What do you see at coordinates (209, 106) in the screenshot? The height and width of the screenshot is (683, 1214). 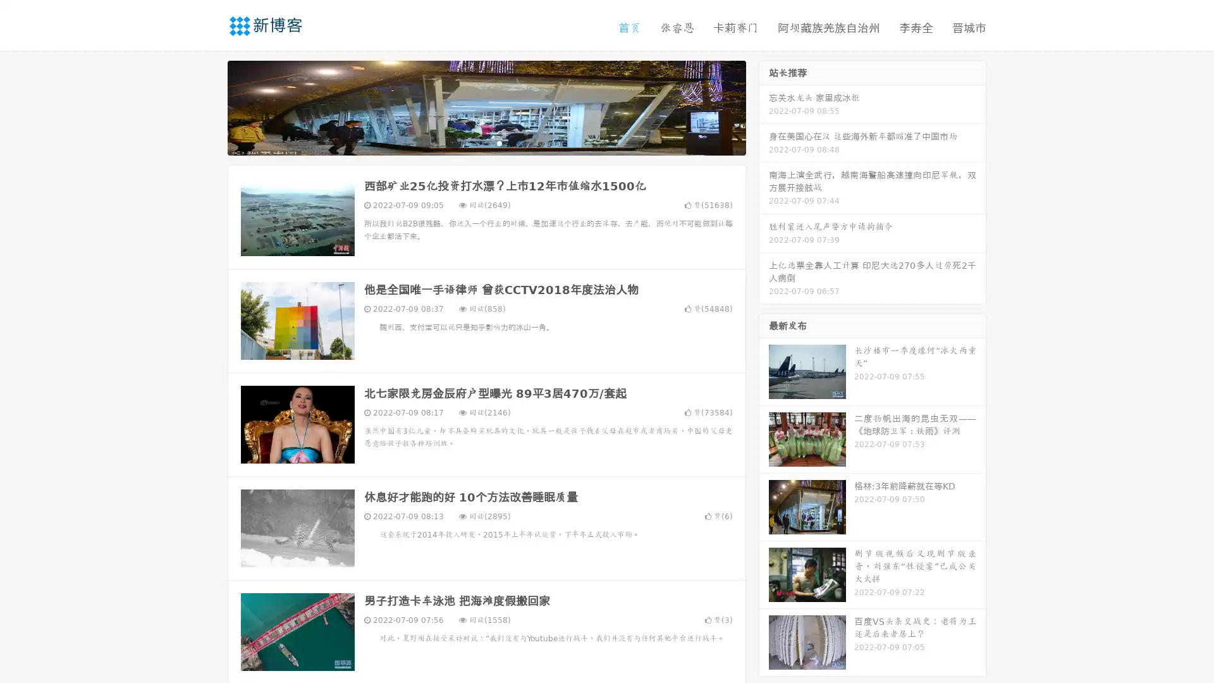 I see `Previous slide` at bounding box center [209, 106].